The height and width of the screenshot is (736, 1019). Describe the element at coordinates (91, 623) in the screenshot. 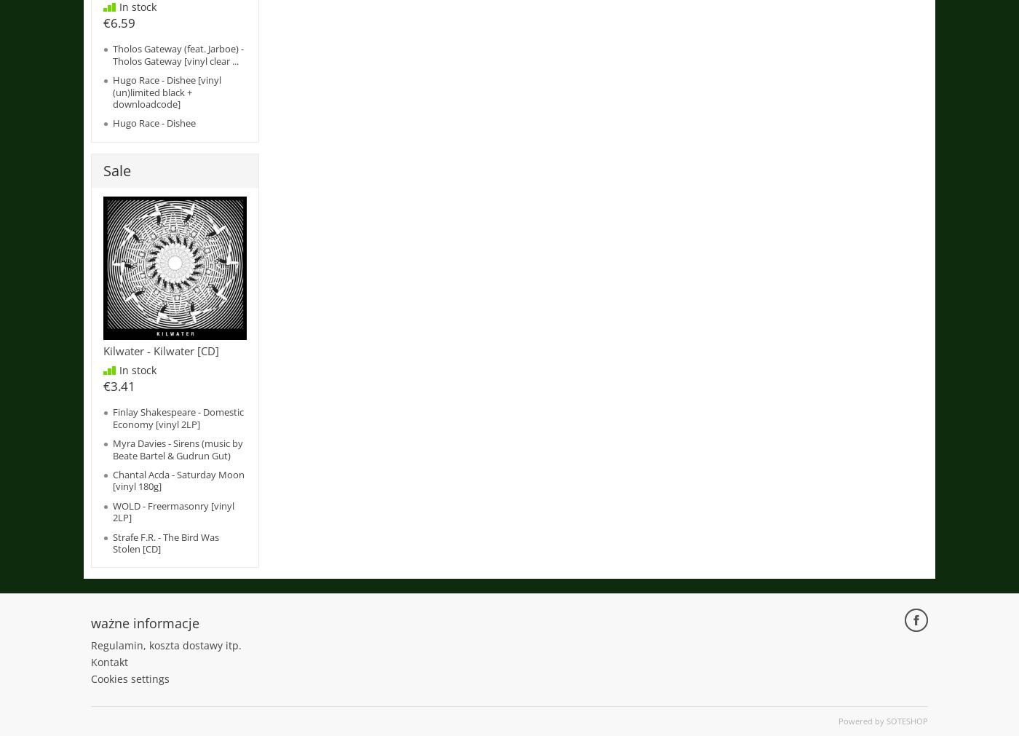

I see `'ważne informacje'` at that location.